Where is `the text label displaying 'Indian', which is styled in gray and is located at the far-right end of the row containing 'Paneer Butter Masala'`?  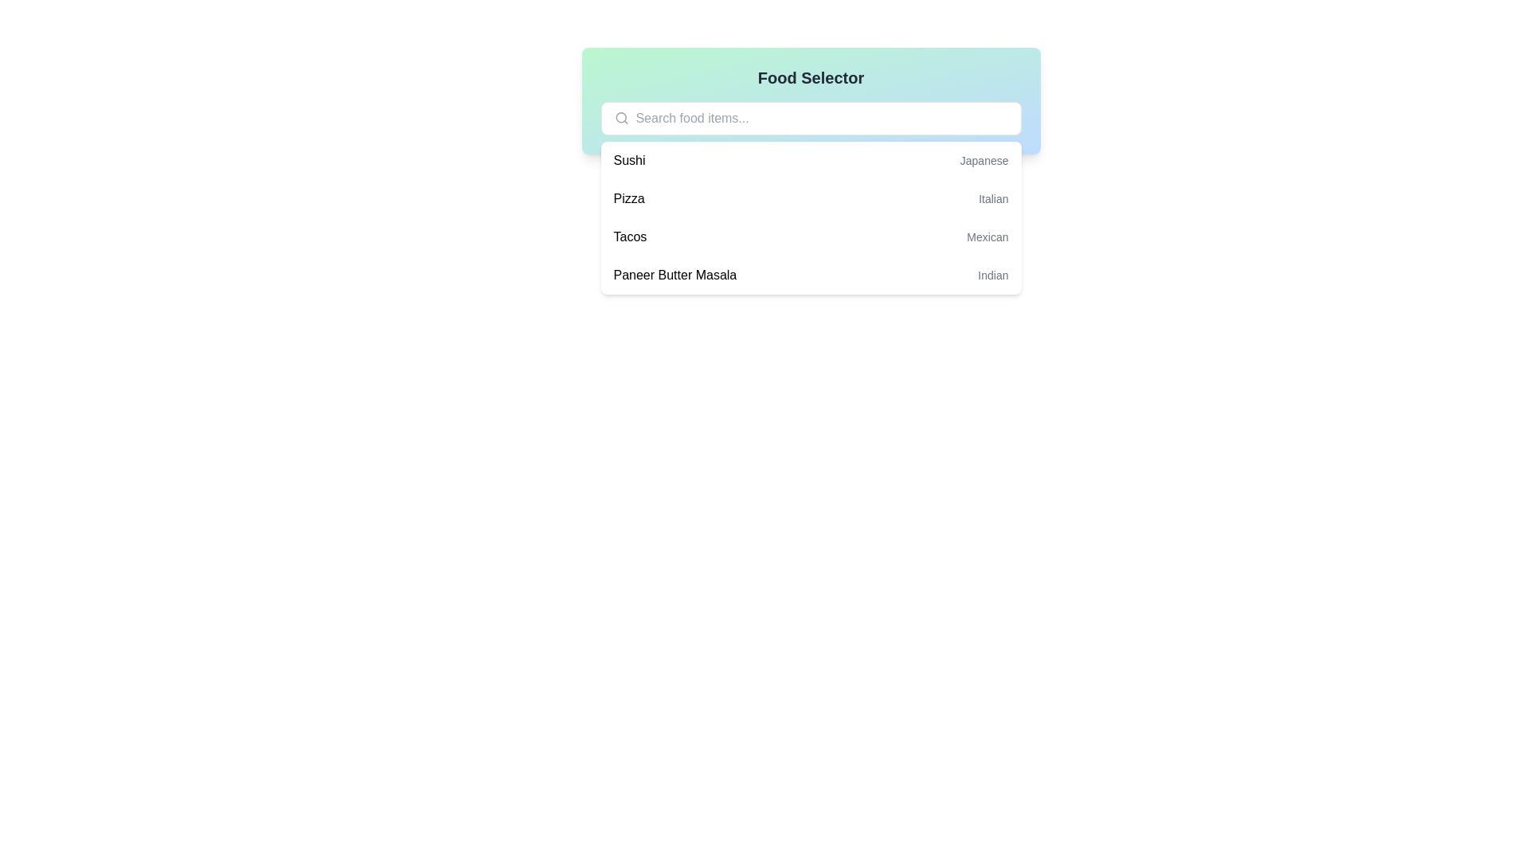
the text label displaying 'Indian', which is styled in gray and is located at the far-right end of the row containing 'Paneer Butter Masala' is located at coordinates (992, 275).